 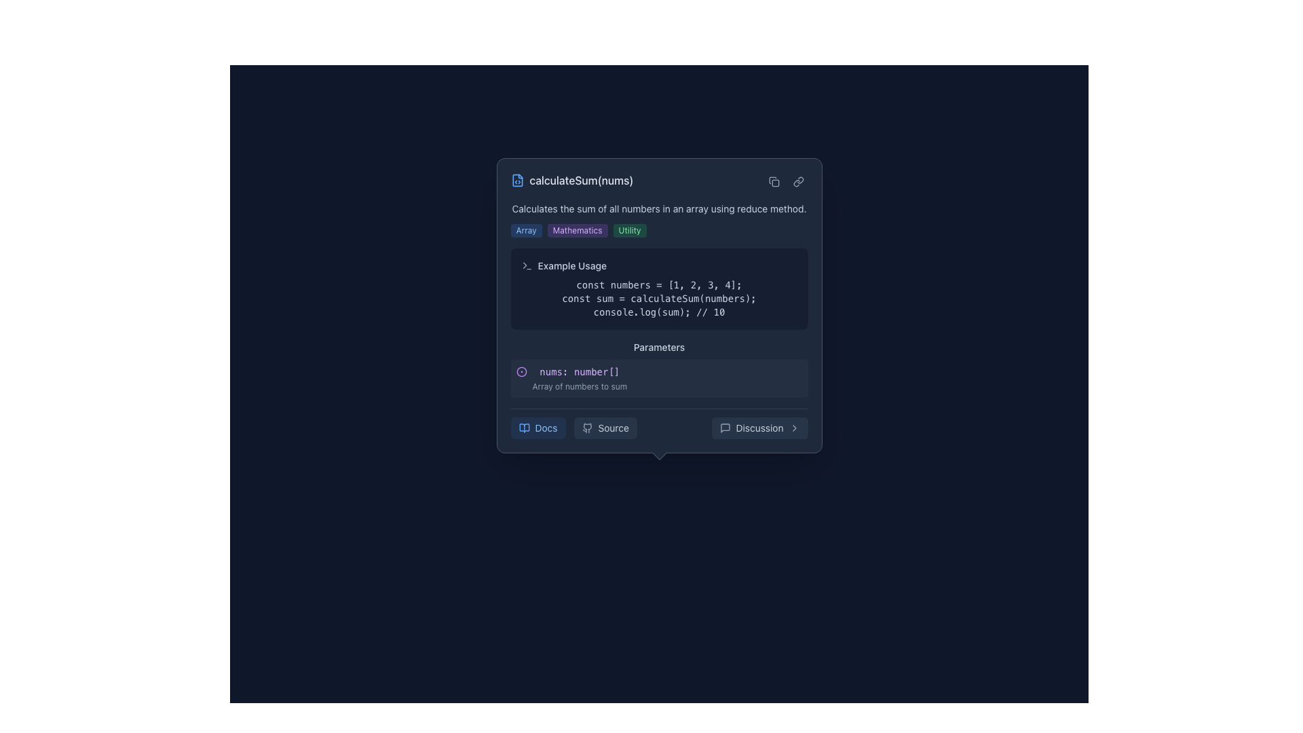 I want to click on the 'Docs' button in the Button Group, so click(x=573, y=428).